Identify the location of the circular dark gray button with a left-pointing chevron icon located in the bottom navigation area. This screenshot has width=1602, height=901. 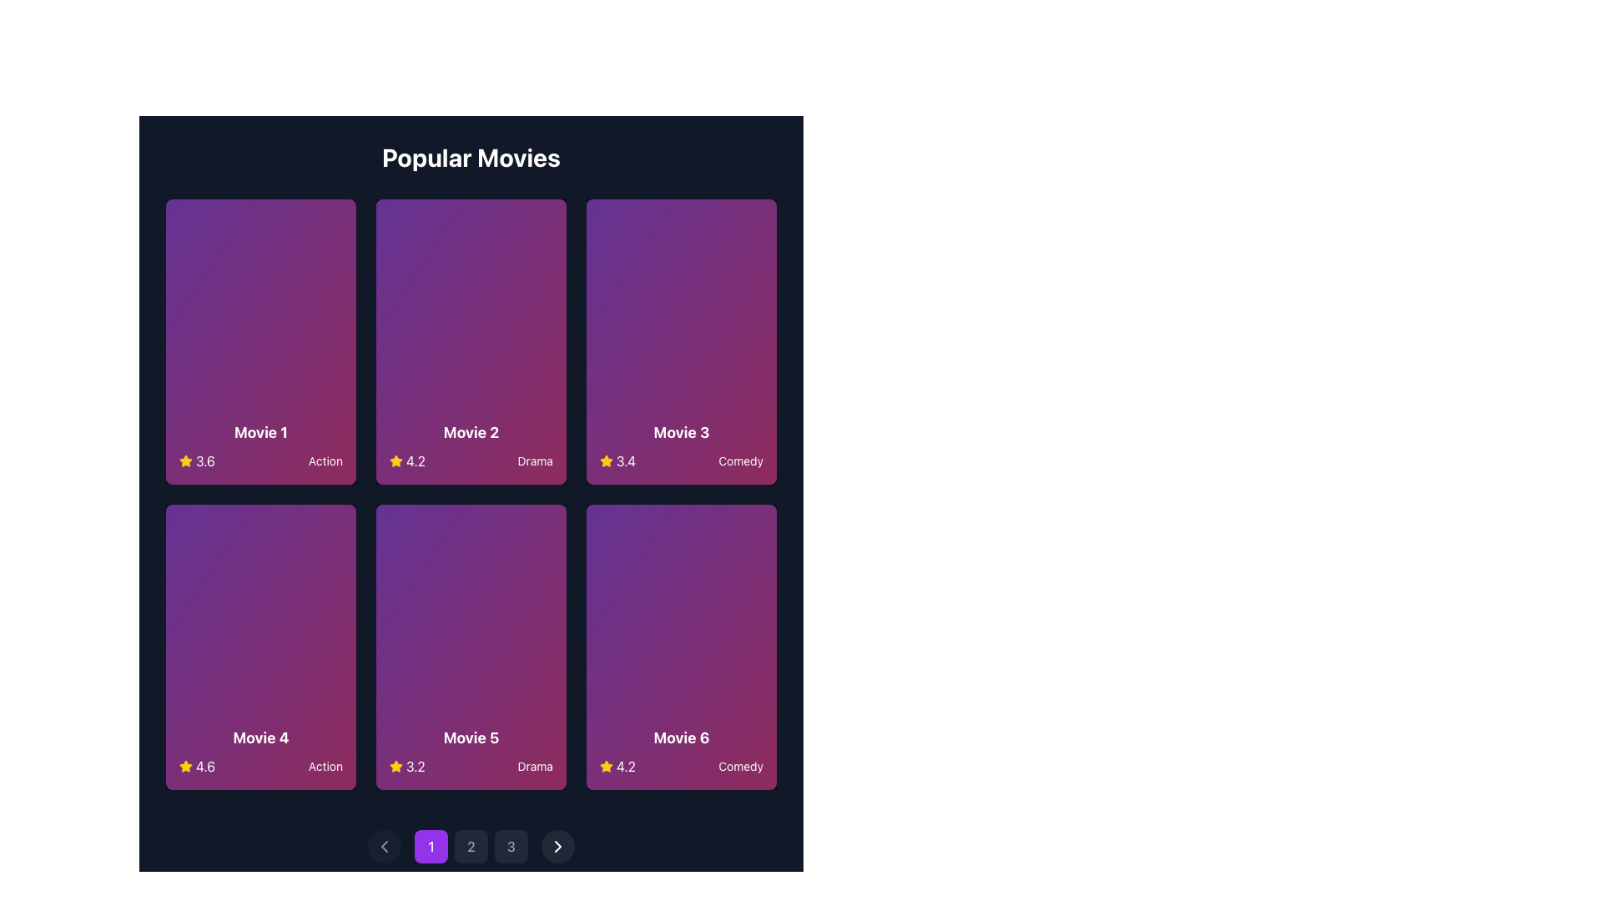
(383, 846).